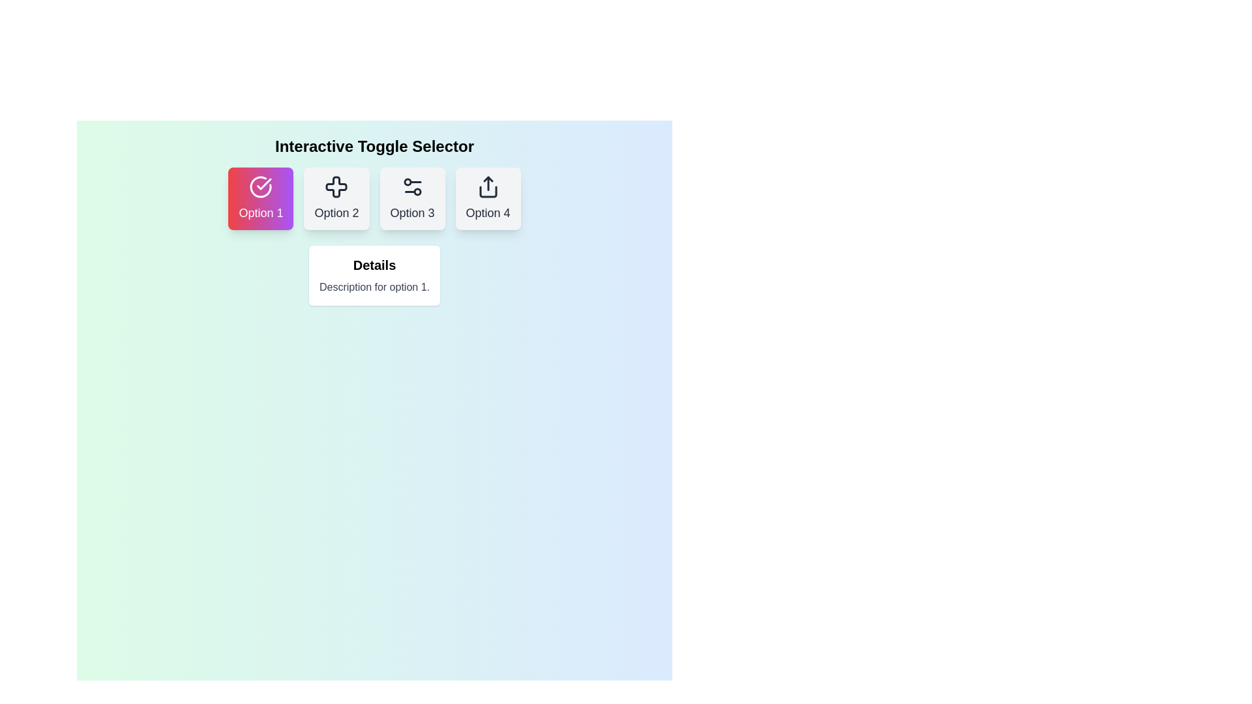  Describe the element at coordinates (487, 198) in the screenshot. I see `the button corresponding to Option 4 to display its description` at that location.